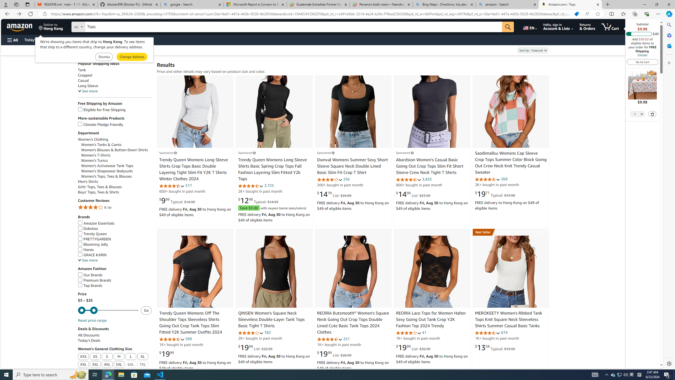 The height and width of the screenshot is (380, 675). I want to click on 'See more, Brands', so click(87, 260).